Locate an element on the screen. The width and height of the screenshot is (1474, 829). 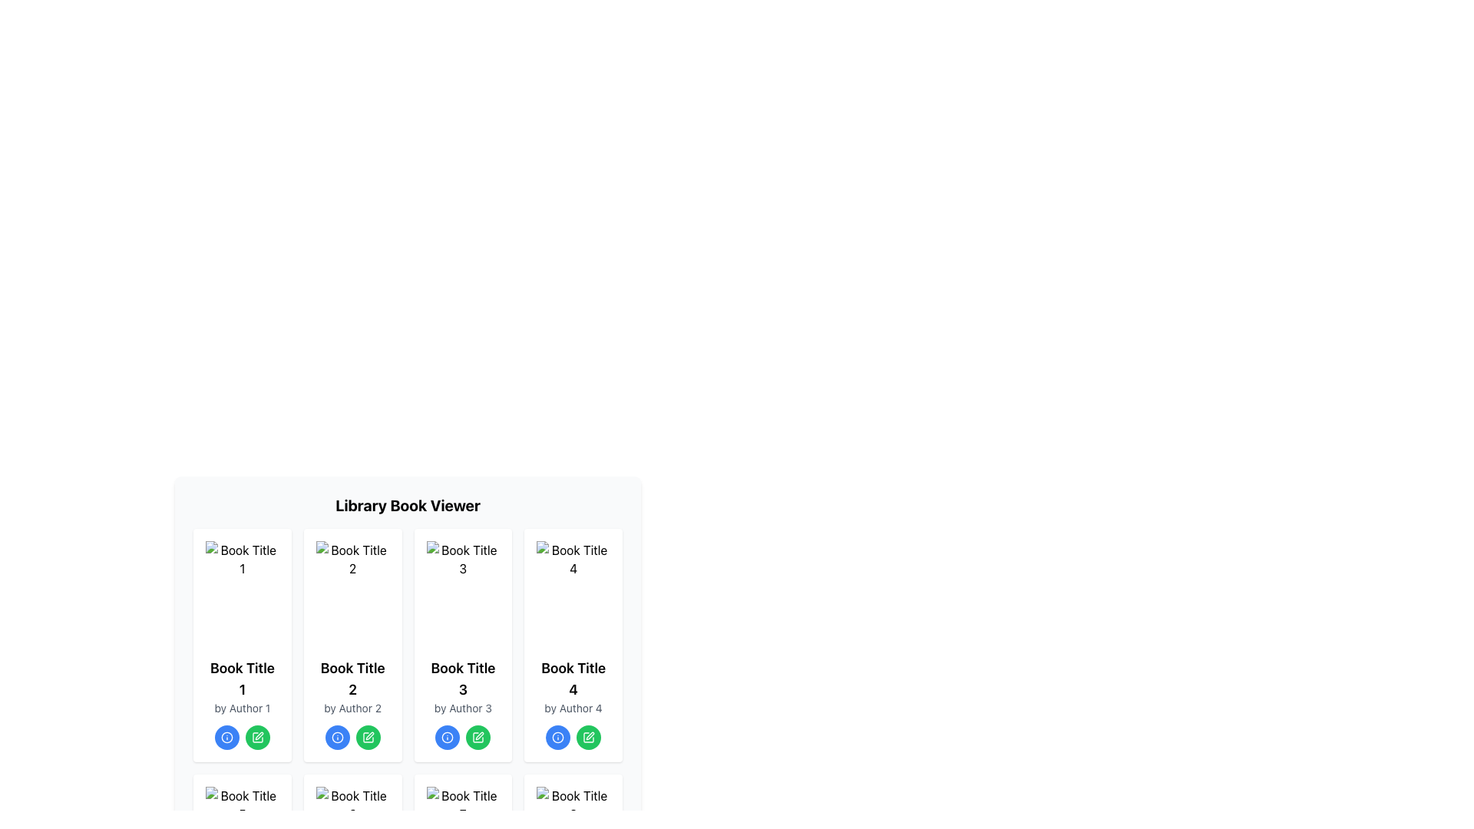
the information indicator icon located at the bottom center of the first book card in the grid layout is located at coordinates (226, 736).